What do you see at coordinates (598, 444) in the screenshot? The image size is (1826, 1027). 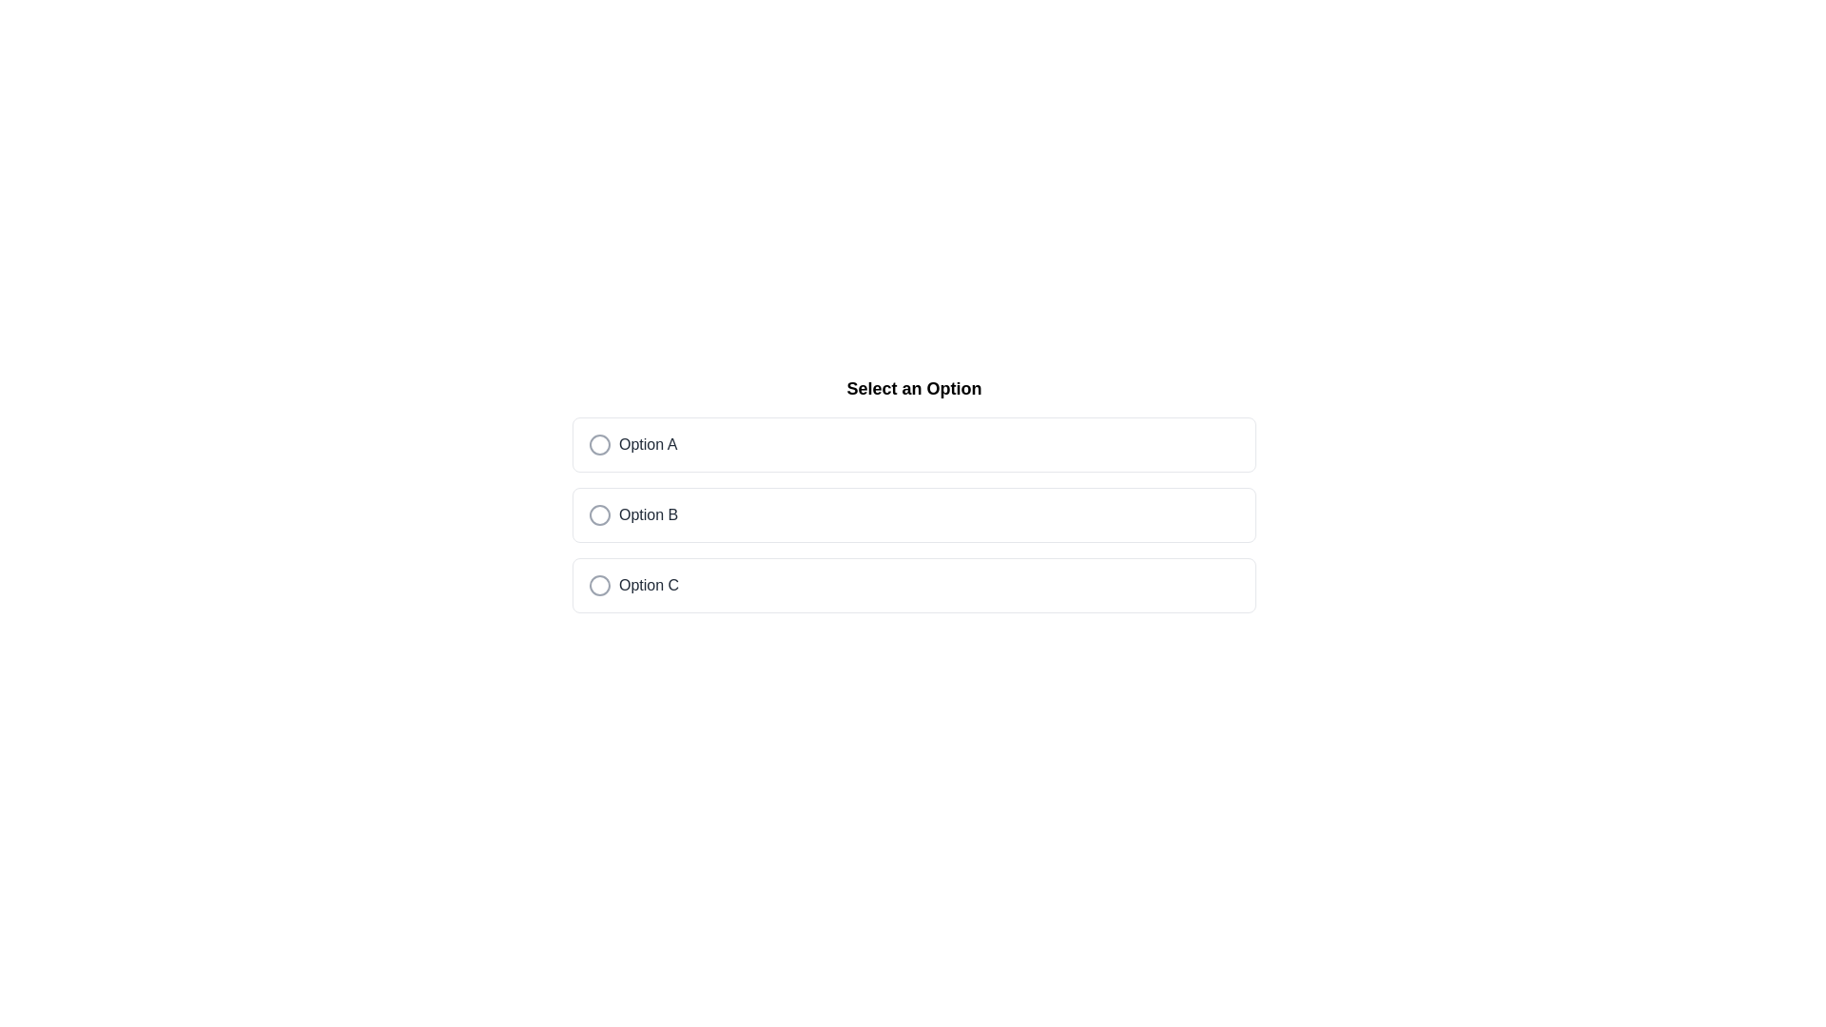 I see `the 'Option A' radio button` at bounding box center [598, 444].